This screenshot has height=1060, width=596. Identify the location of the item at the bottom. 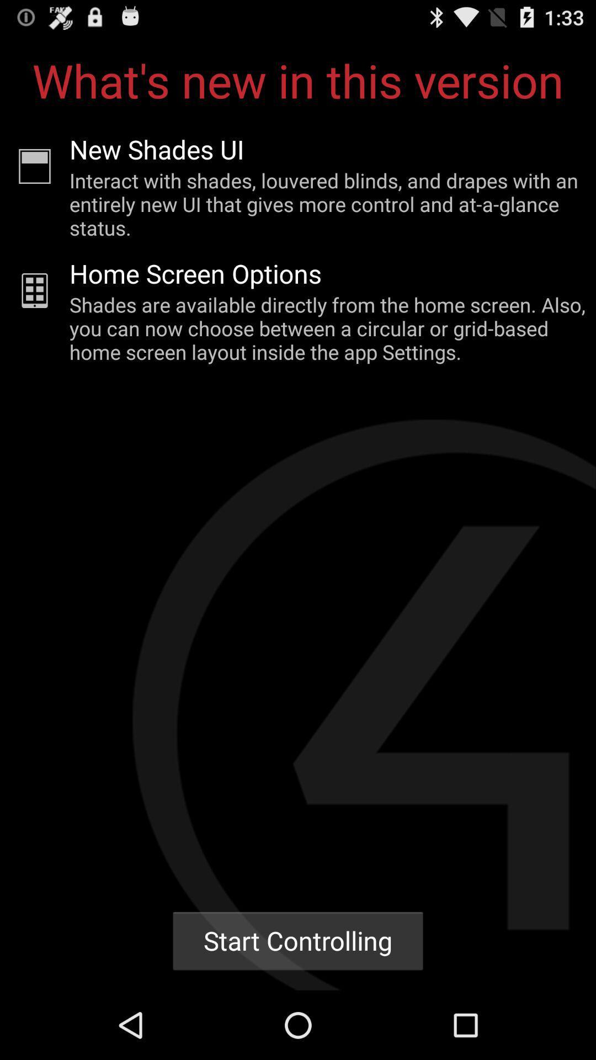
(298, 940).